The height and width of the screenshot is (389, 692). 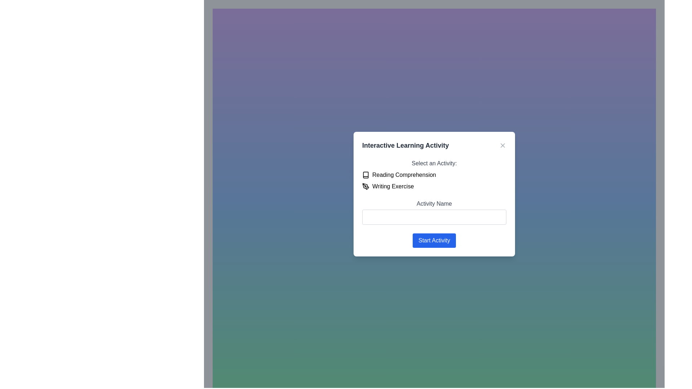 I want to click on the 'Writing Exercise' text label located in the modal dialog box under the 'Select an Activity' section, adjacent to the pen tool icon, so click(x=392, y=185).